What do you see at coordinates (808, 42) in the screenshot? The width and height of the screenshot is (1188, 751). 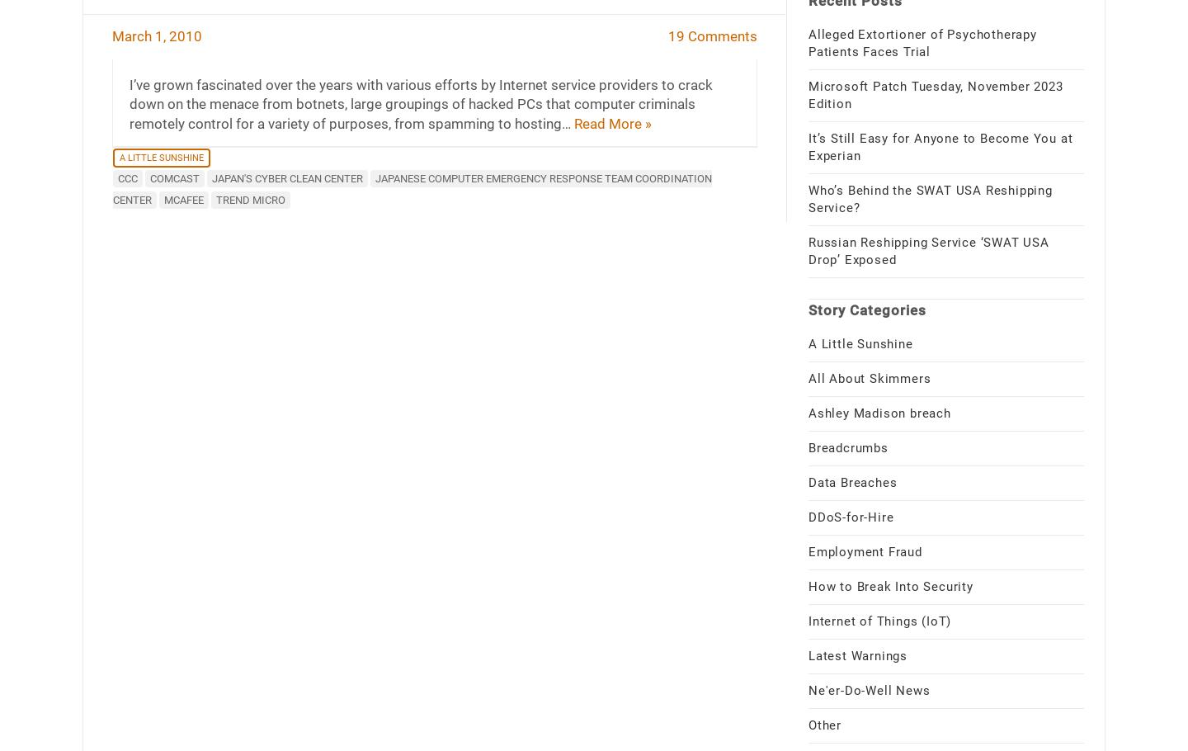 I see `'Alleged Extortioner of Psychotherapy Patients Faces Trial'` at bounding box center [808, 42].